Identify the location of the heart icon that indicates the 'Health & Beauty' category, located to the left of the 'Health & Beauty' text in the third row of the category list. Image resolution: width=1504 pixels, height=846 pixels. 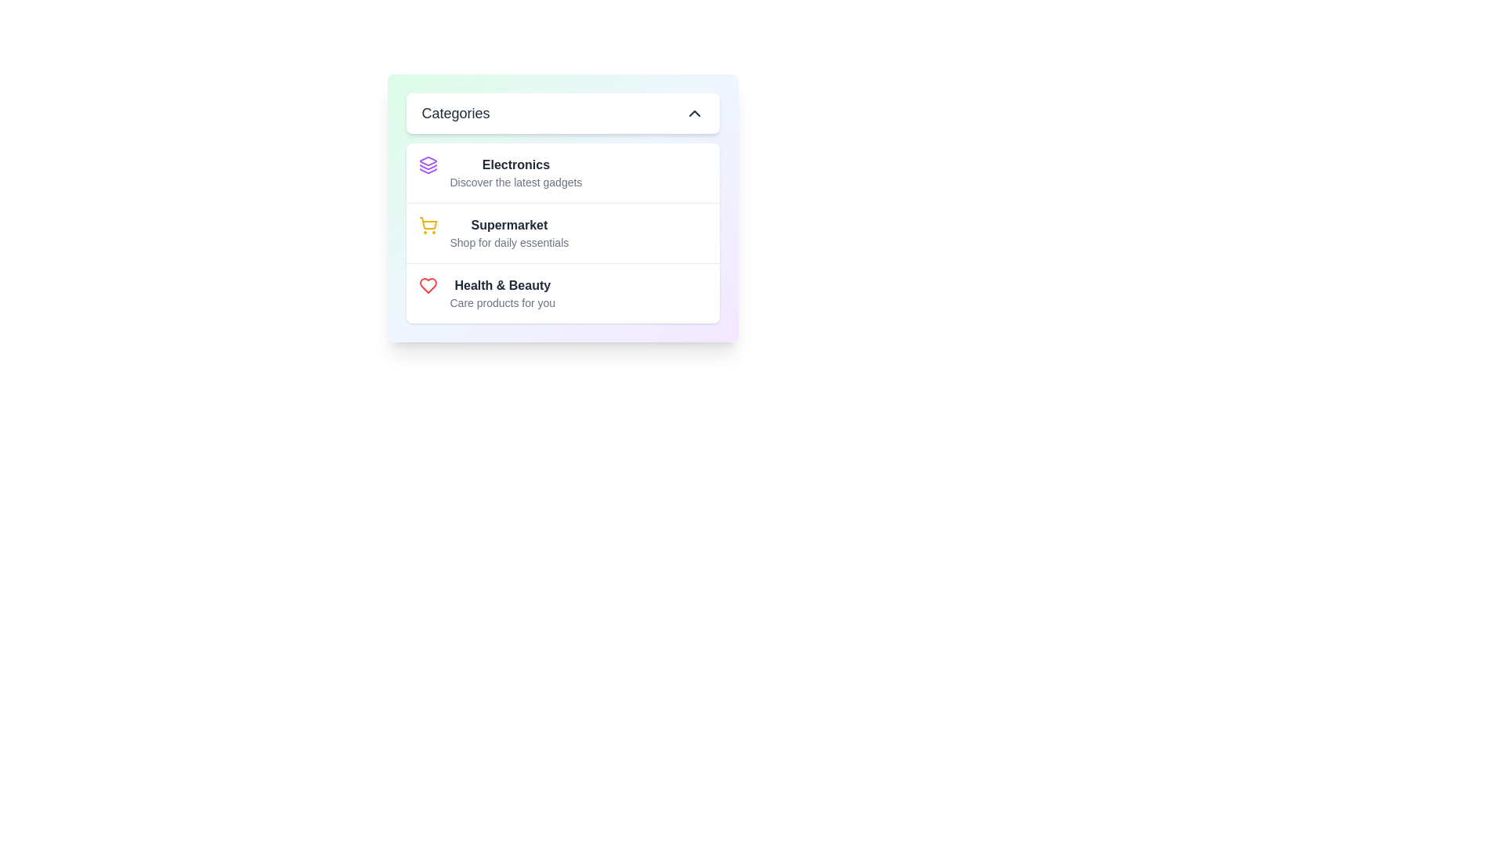
(428, 286).